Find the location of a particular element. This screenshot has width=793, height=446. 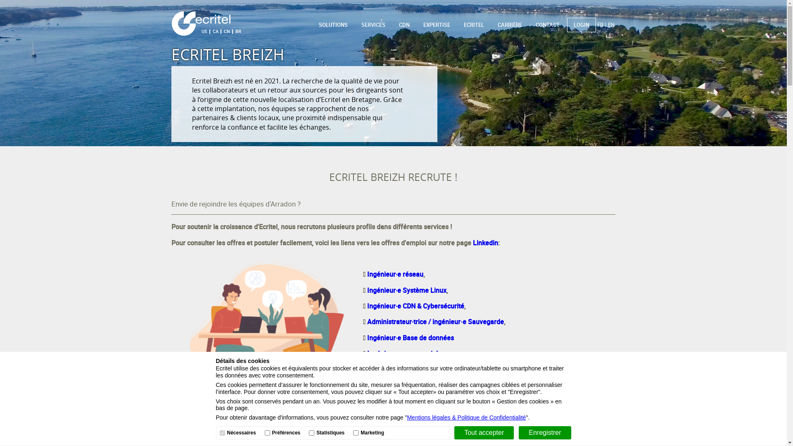

'CONTACT' is located at coordinates (547, 24).